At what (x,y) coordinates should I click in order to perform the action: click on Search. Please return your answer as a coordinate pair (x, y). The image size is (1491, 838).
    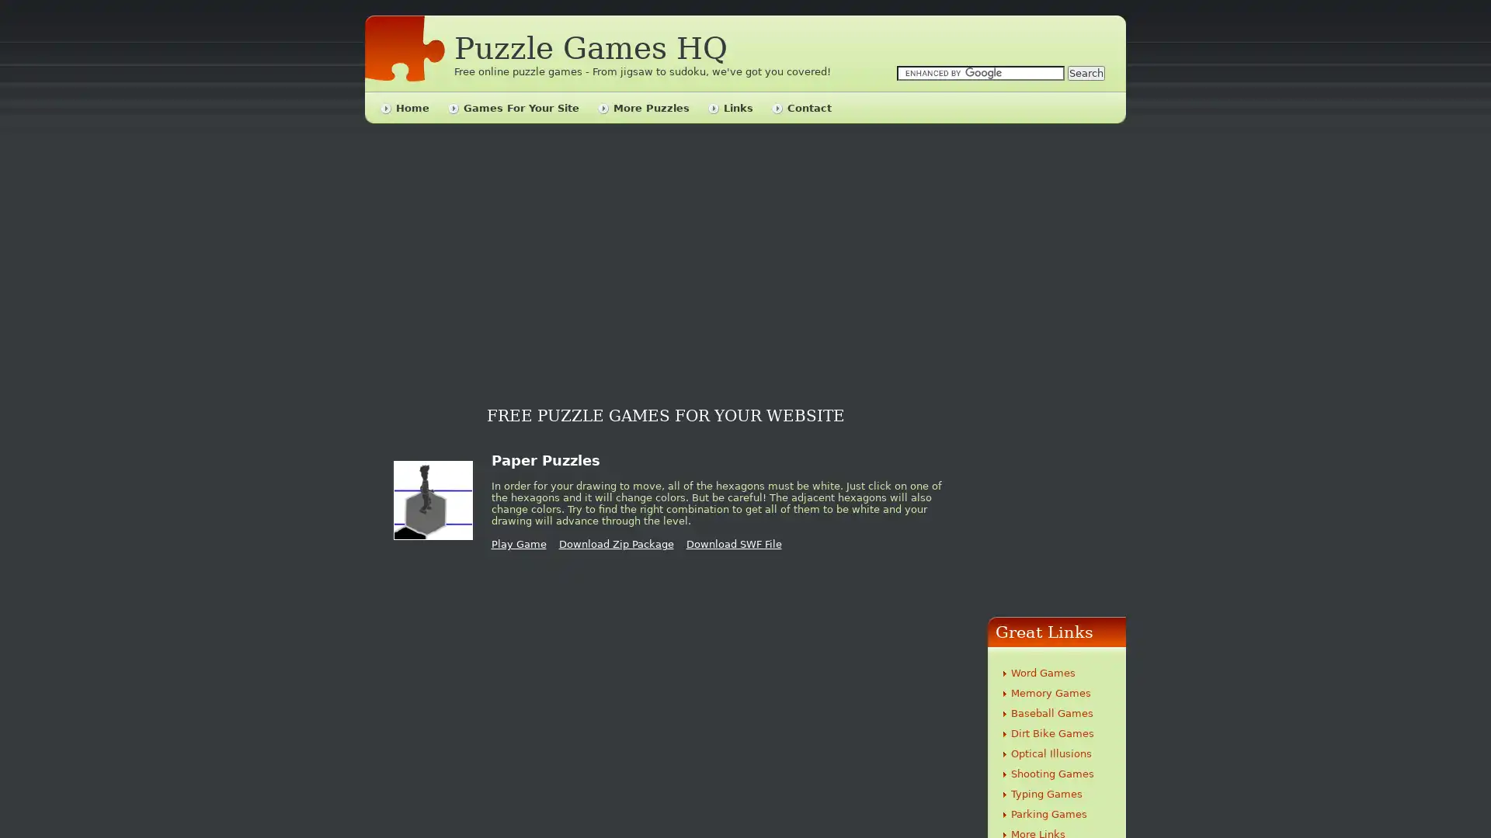
    Looking at the image, I should click on (1085, 73).